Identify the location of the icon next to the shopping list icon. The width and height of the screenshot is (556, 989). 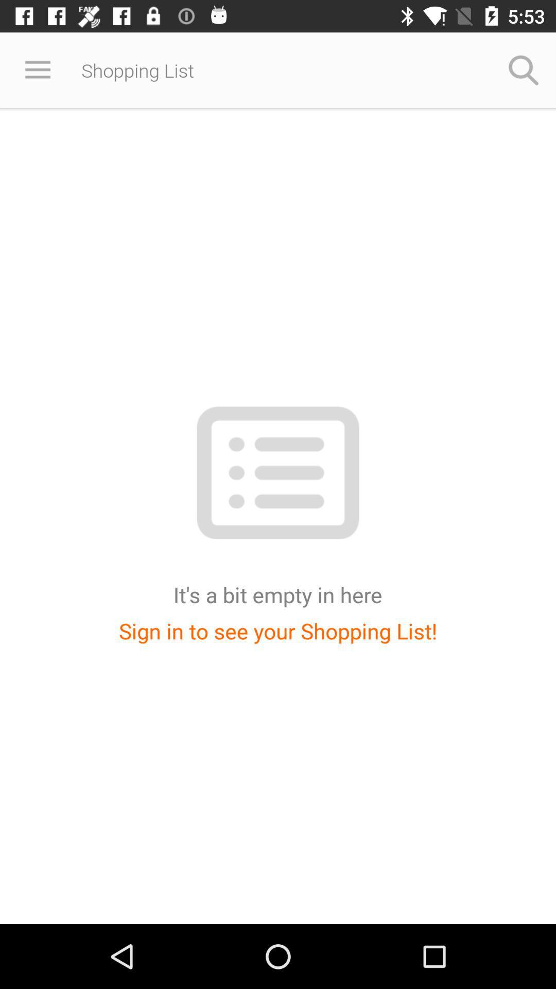
(524, 70).